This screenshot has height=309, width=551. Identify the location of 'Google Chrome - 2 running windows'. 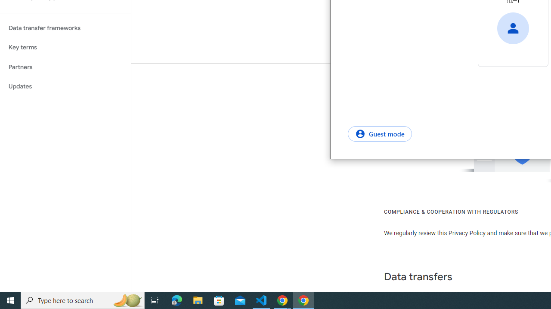
(282, 300).